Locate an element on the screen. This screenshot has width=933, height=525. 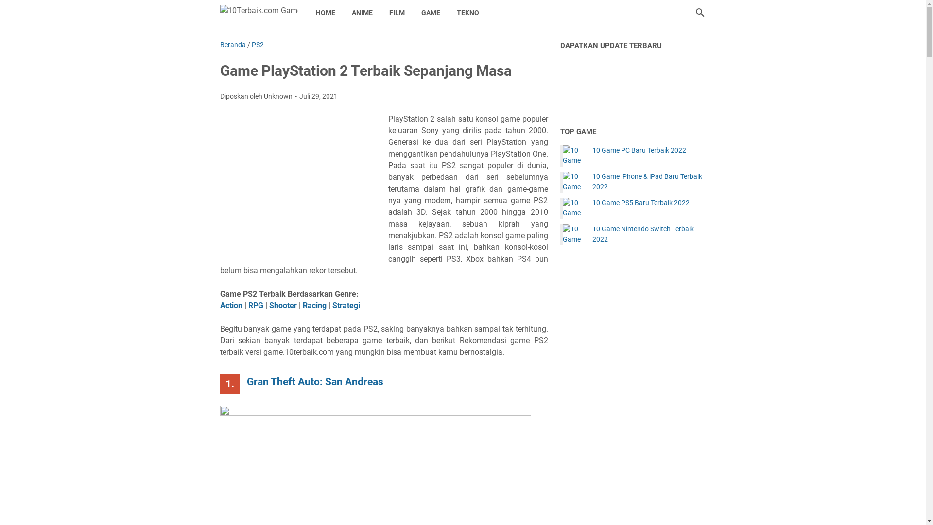
'Advertisement' is located at coordinates (303, 184).